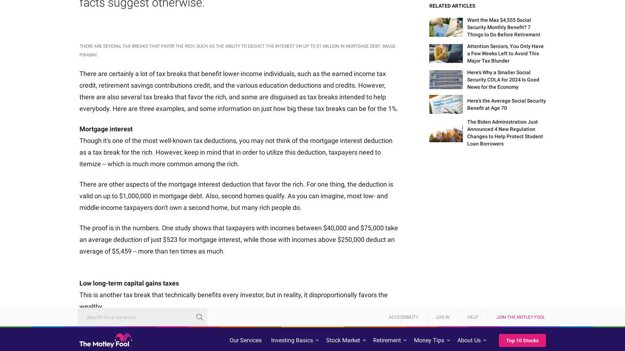 This screenshot has height=351, width=625. I want to click on 'Motley Fool Ventures', so click(504, 320).